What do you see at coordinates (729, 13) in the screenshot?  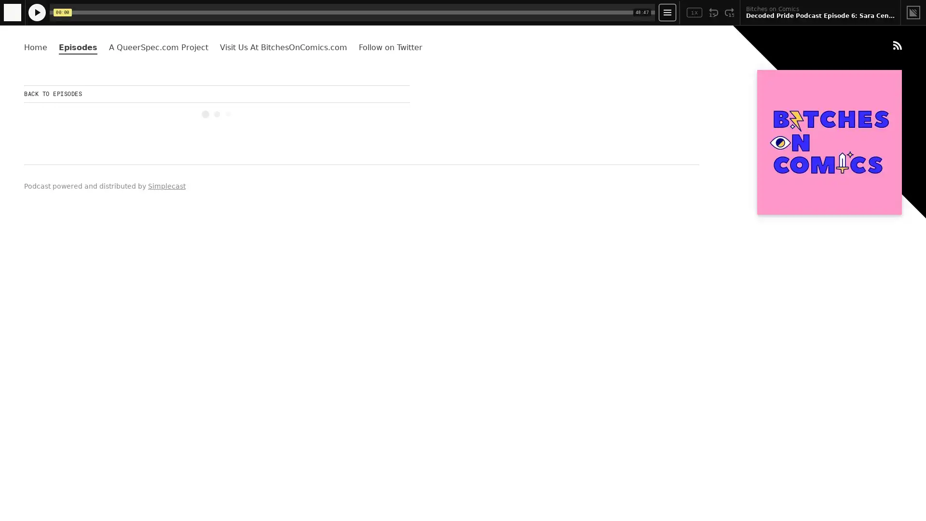 I see `Fast Forward 15 Seconds` at bounding box center [729, 13].